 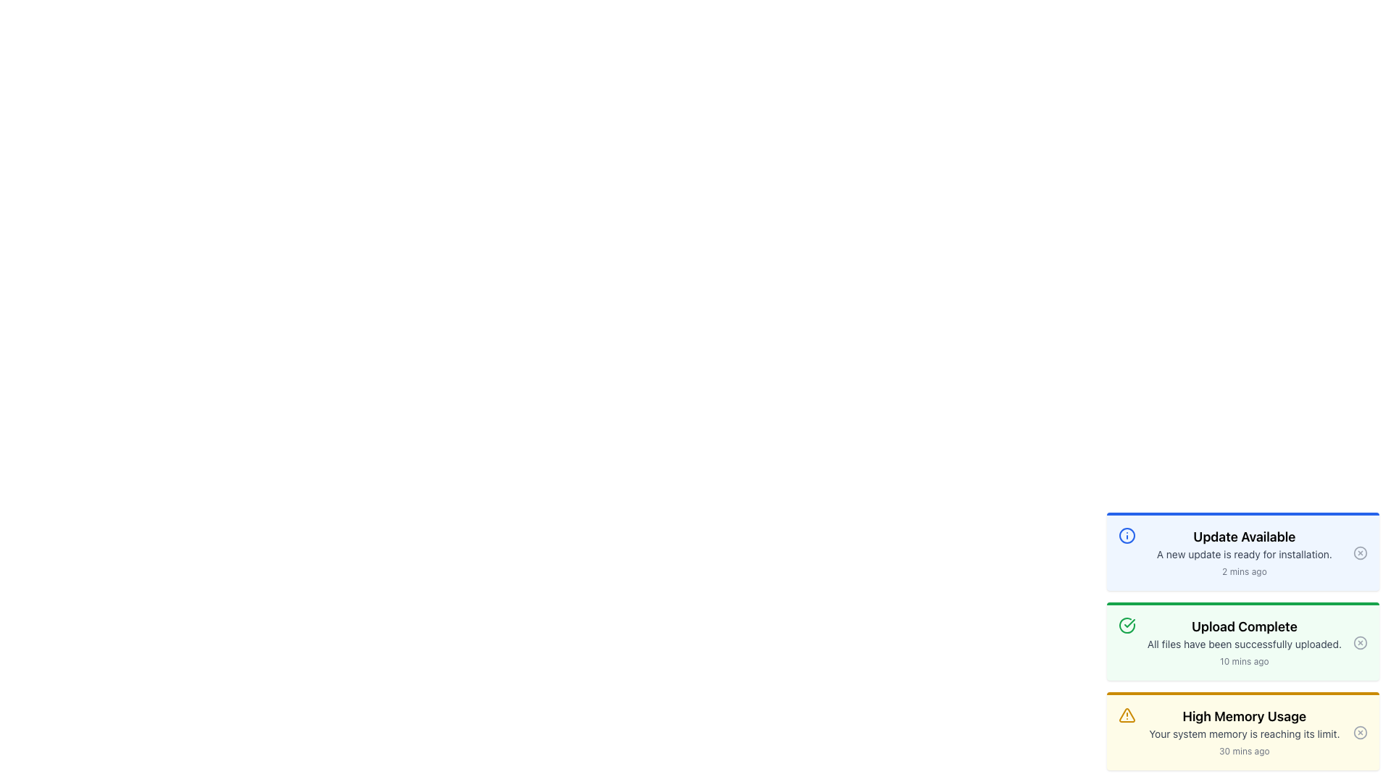 I want to click on the SVG circle element located at the top right corner of the 'High Memory Usage' notification card, which serves as a decorative component in the icon, so click(x=1359, y=732).